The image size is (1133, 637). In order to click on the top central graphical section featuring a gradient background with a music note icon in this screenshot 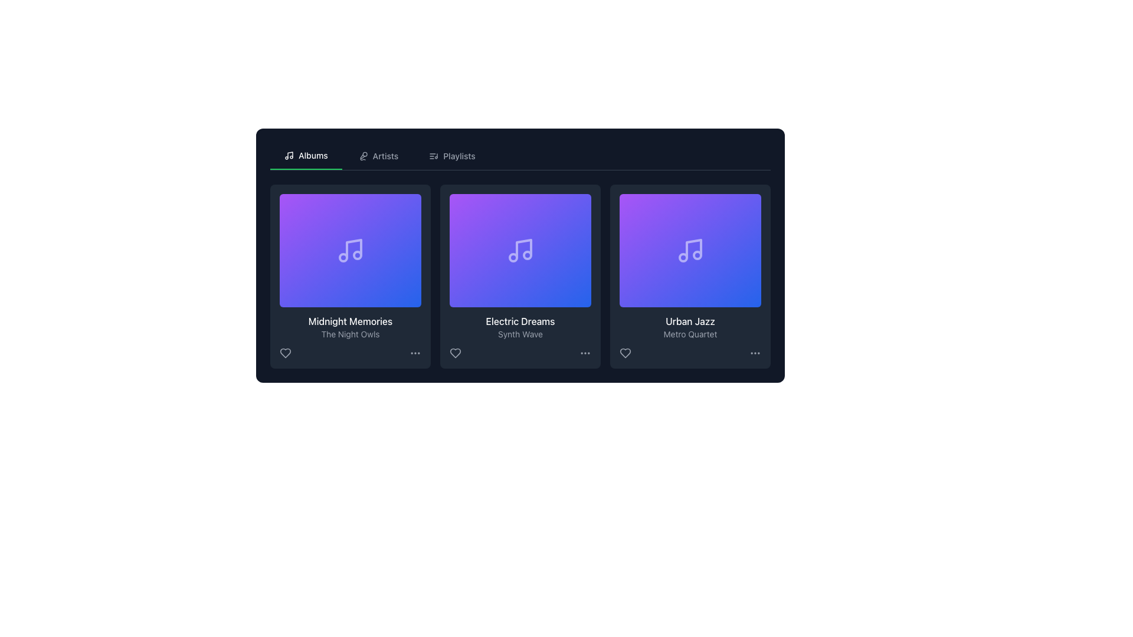, I will do `click(350, 249)`.